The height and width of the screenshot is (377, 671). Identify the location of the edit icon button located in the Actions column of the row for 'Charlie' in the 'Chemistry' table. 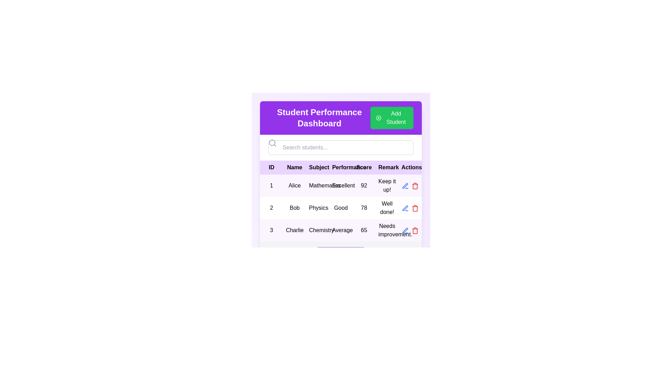
(405, 208).